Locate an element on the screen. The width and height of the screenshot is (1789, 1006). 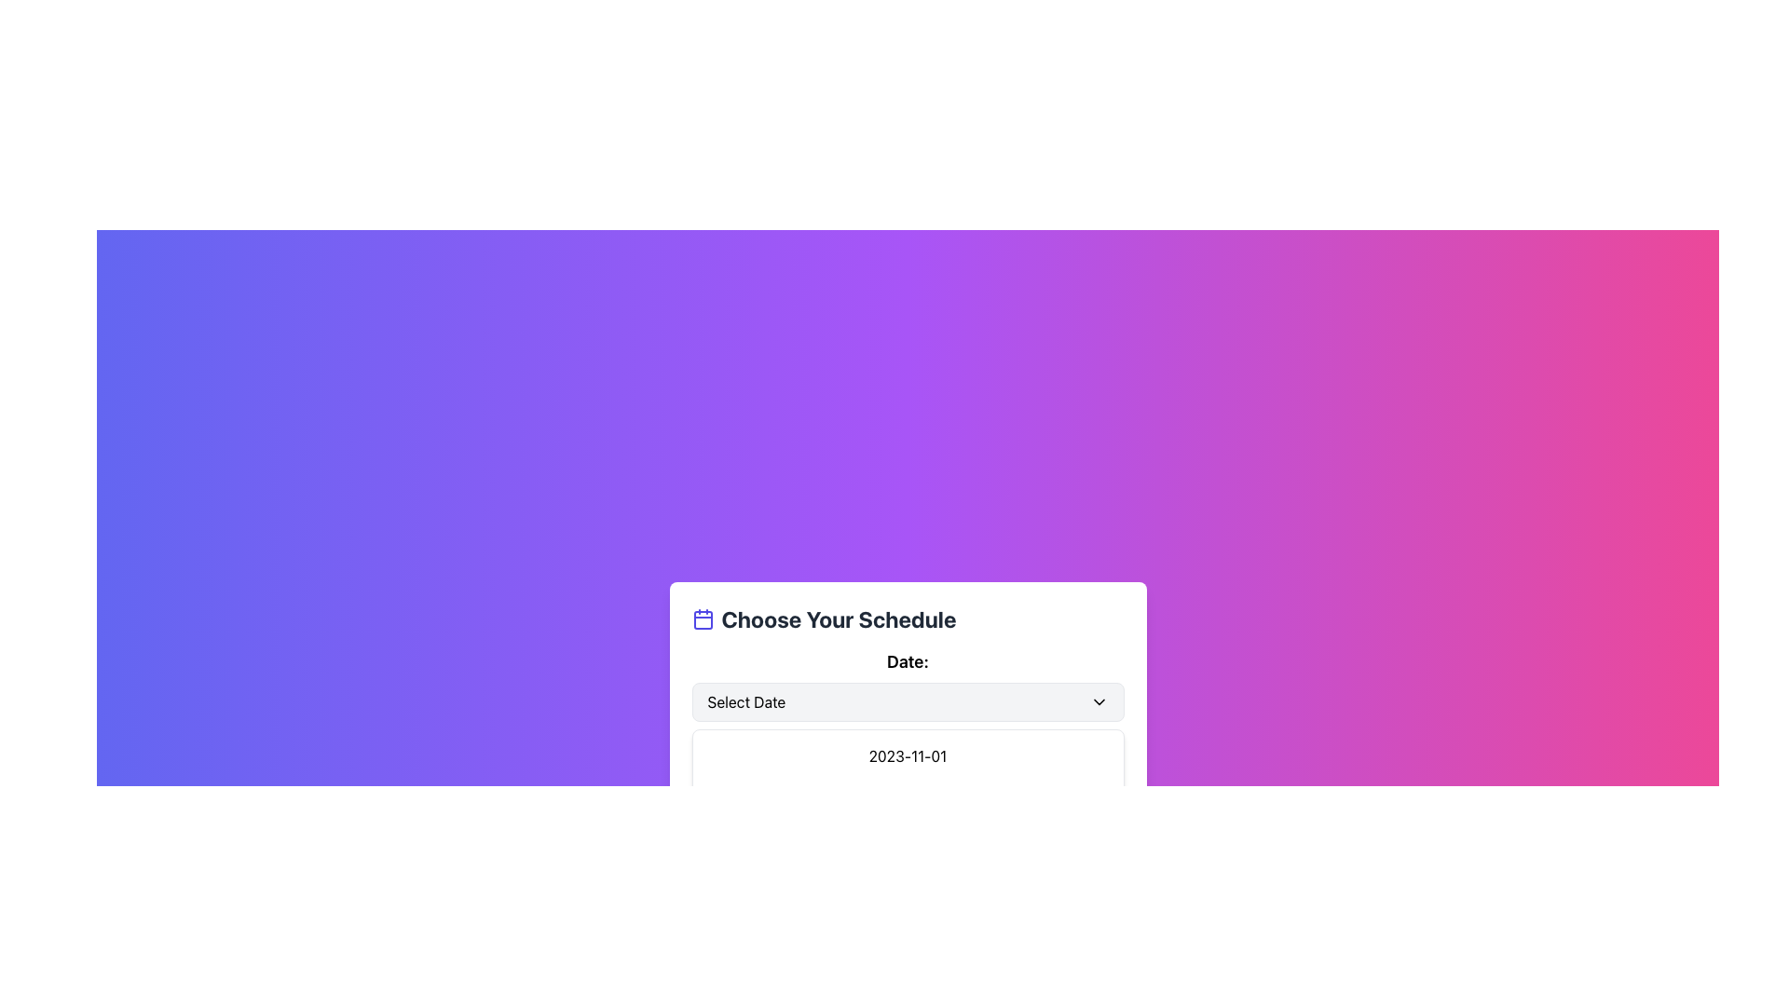
the selectable date option in the dropdown menu directly below the 'Select Date' dropdown is located at coordinates (908, 772).